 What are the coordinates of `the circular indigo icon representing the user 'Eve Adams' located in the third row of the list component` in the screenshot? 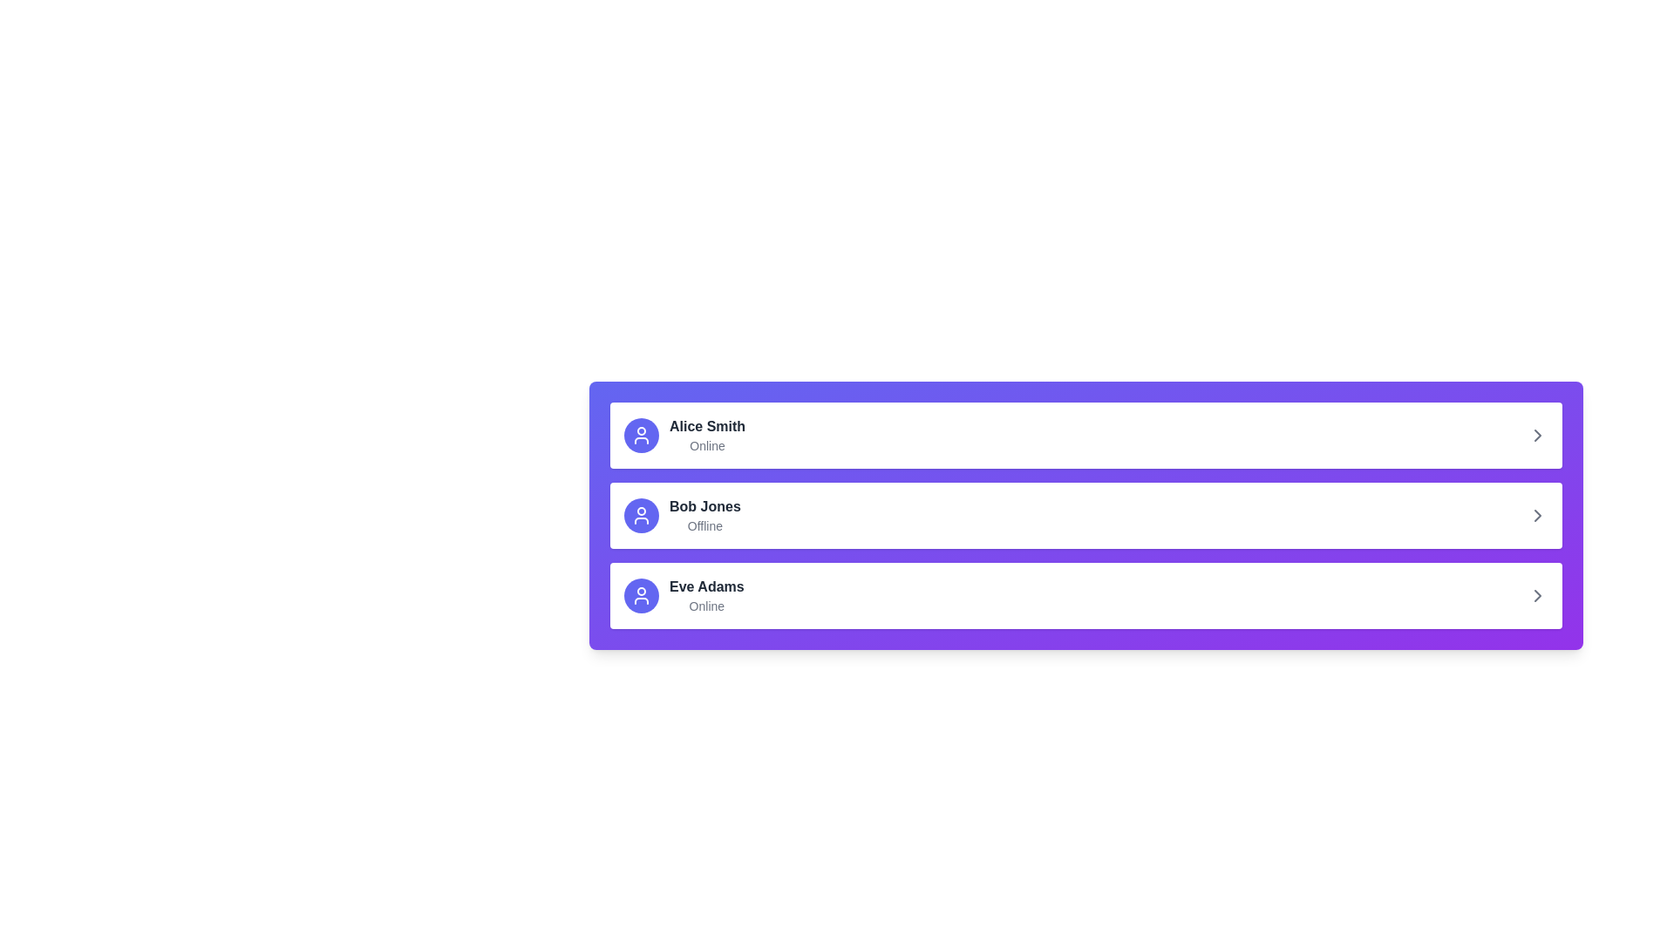 It's located at (640, 594).